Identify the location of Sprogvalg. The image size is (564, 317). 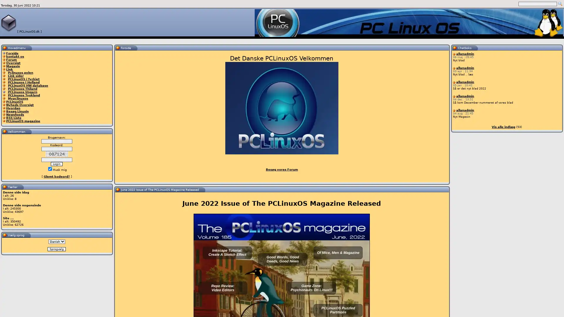
(56, 249).